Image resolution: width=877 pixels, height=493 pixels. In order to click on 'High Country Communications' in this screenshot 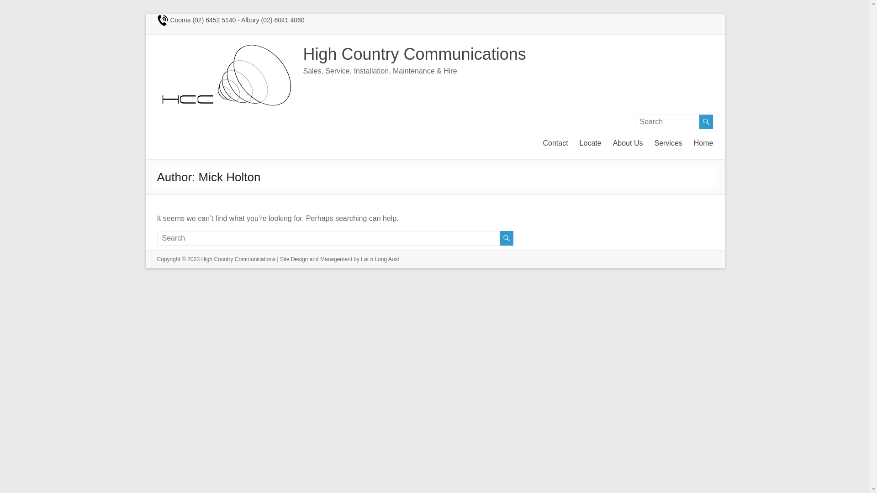, I will do `click(414, 54)`.